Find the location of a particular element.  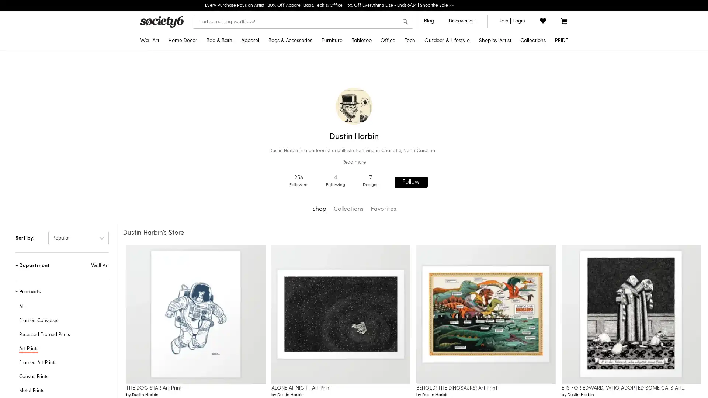

Tapestries is located at coordinates (197, 59).